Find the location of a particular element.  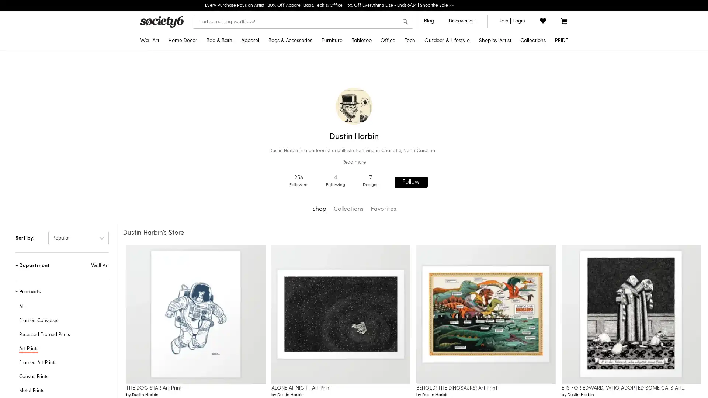

Tapestries is located at coordinates (197, 59).